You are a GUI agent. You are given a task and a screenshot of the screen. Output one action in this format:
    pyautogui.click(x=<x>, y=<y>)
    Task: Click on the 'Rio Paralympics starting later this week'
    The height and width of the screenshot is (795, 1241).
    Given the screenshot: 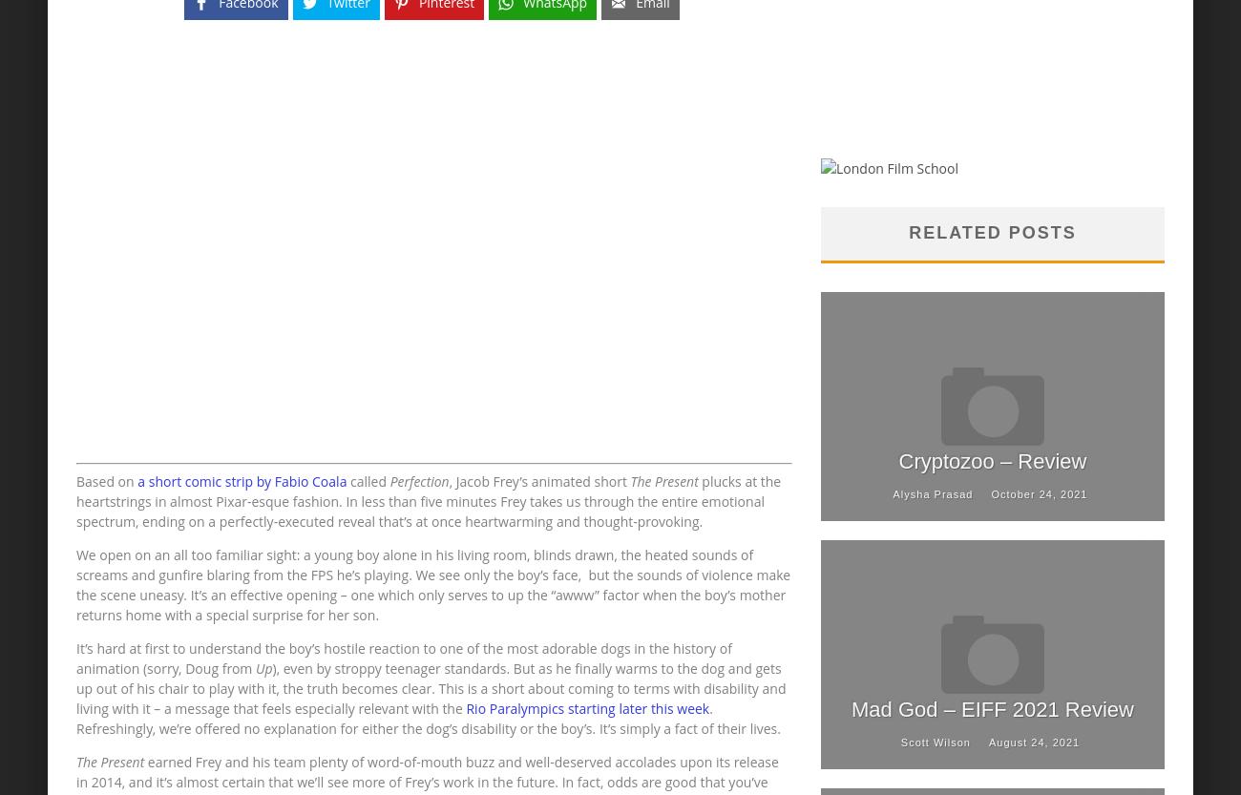 What is the action you would take?
    pyautogui.click(x=587, y=708)
    